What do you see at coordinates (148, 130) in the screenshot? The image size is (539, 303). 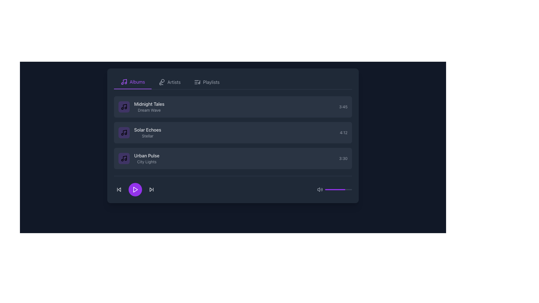 I see `text content of the label displaying 'Solar Echoes', which is a medium-sized light gray text against a dark blue background, located in the left half of the interface above the text 'Stellar'` at bounding box center [148, 130].